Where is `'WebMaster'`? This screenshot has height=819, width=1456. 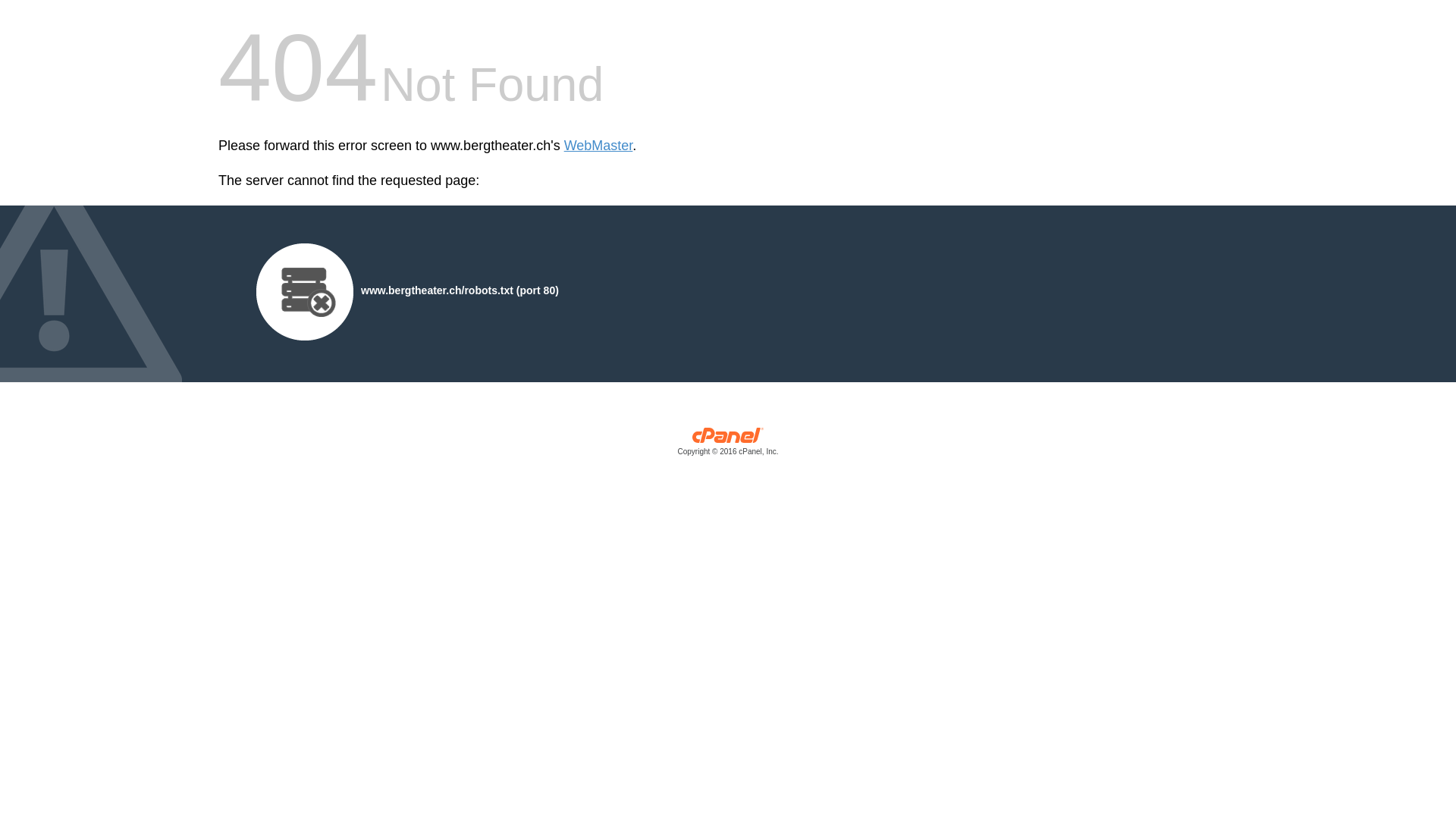
'WebMaster' is located at coordinates (598, 146).